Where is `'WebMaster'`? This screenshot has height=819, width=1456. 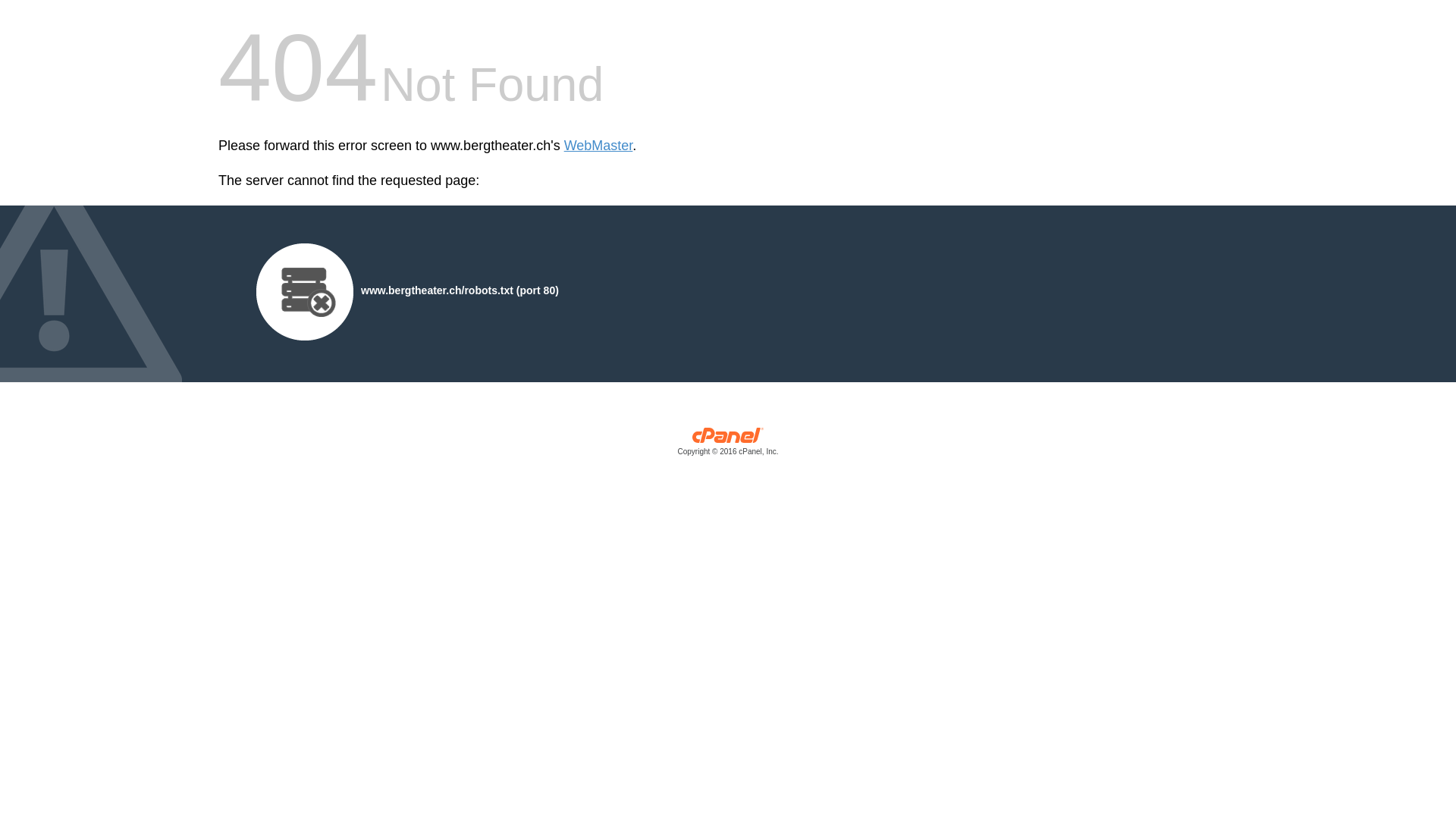
'WebMaster' is located at coordinates (598, 146).